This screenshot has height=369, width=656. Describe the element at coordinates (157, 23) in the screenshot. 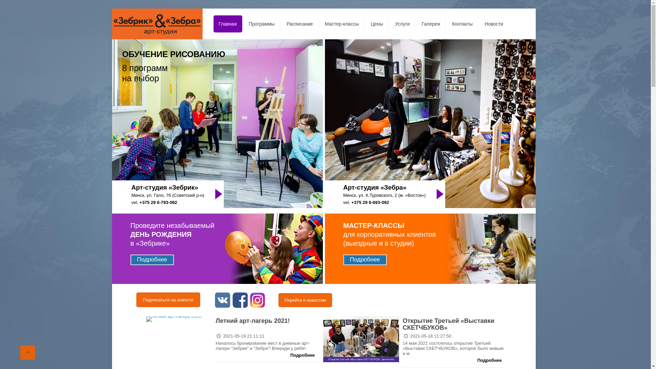

I see `'zebra-art.by'` at that location.